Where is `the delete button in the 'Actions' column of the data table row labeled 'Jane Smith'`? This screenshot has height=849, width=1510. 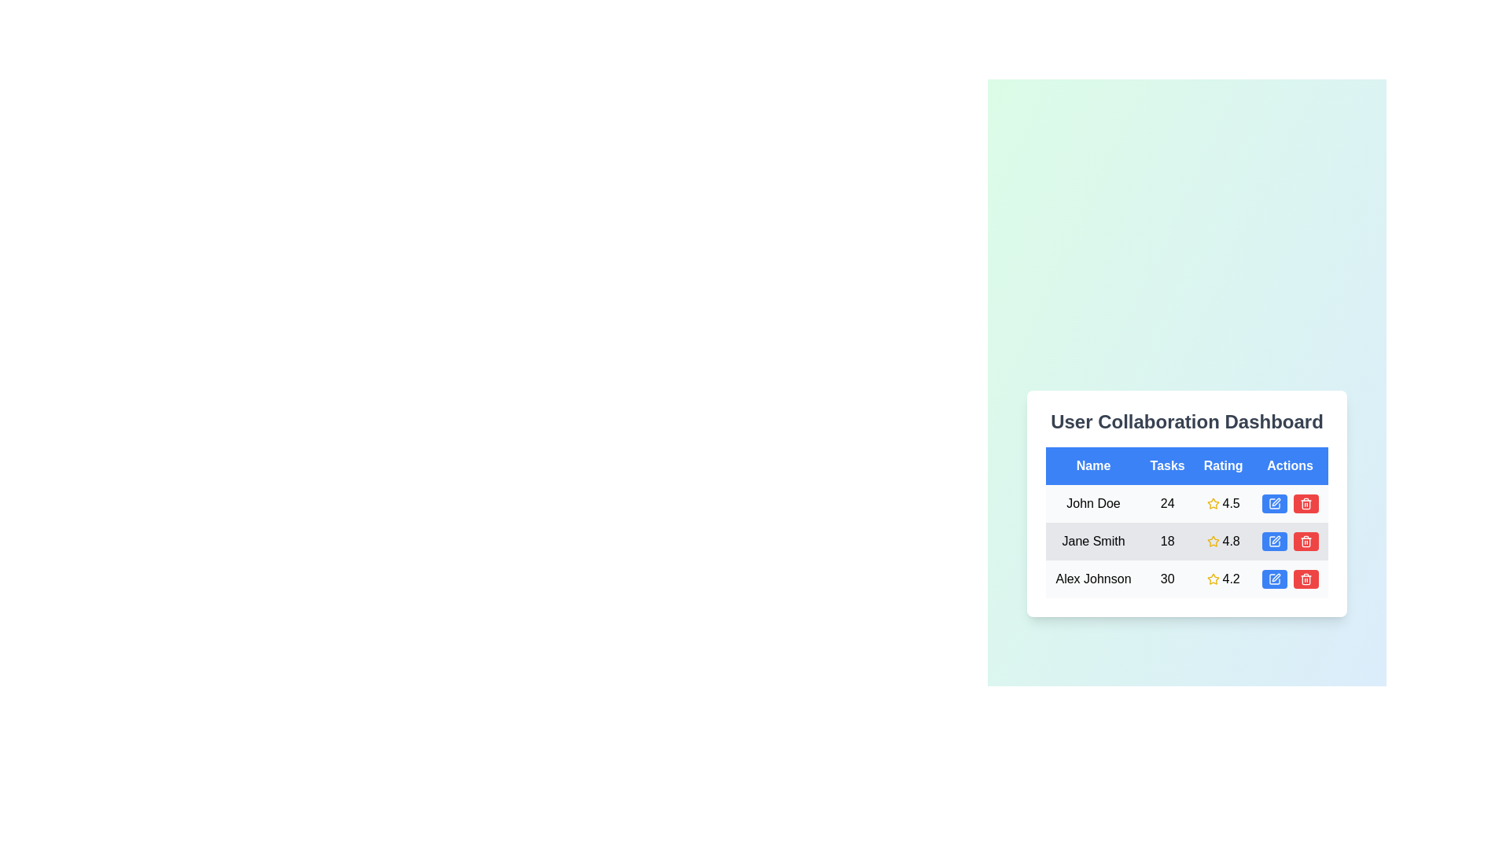 the delete button in the 'Actions' column of the data table row labeled 'Jane Smith' is located at coordinates (1306, 541).